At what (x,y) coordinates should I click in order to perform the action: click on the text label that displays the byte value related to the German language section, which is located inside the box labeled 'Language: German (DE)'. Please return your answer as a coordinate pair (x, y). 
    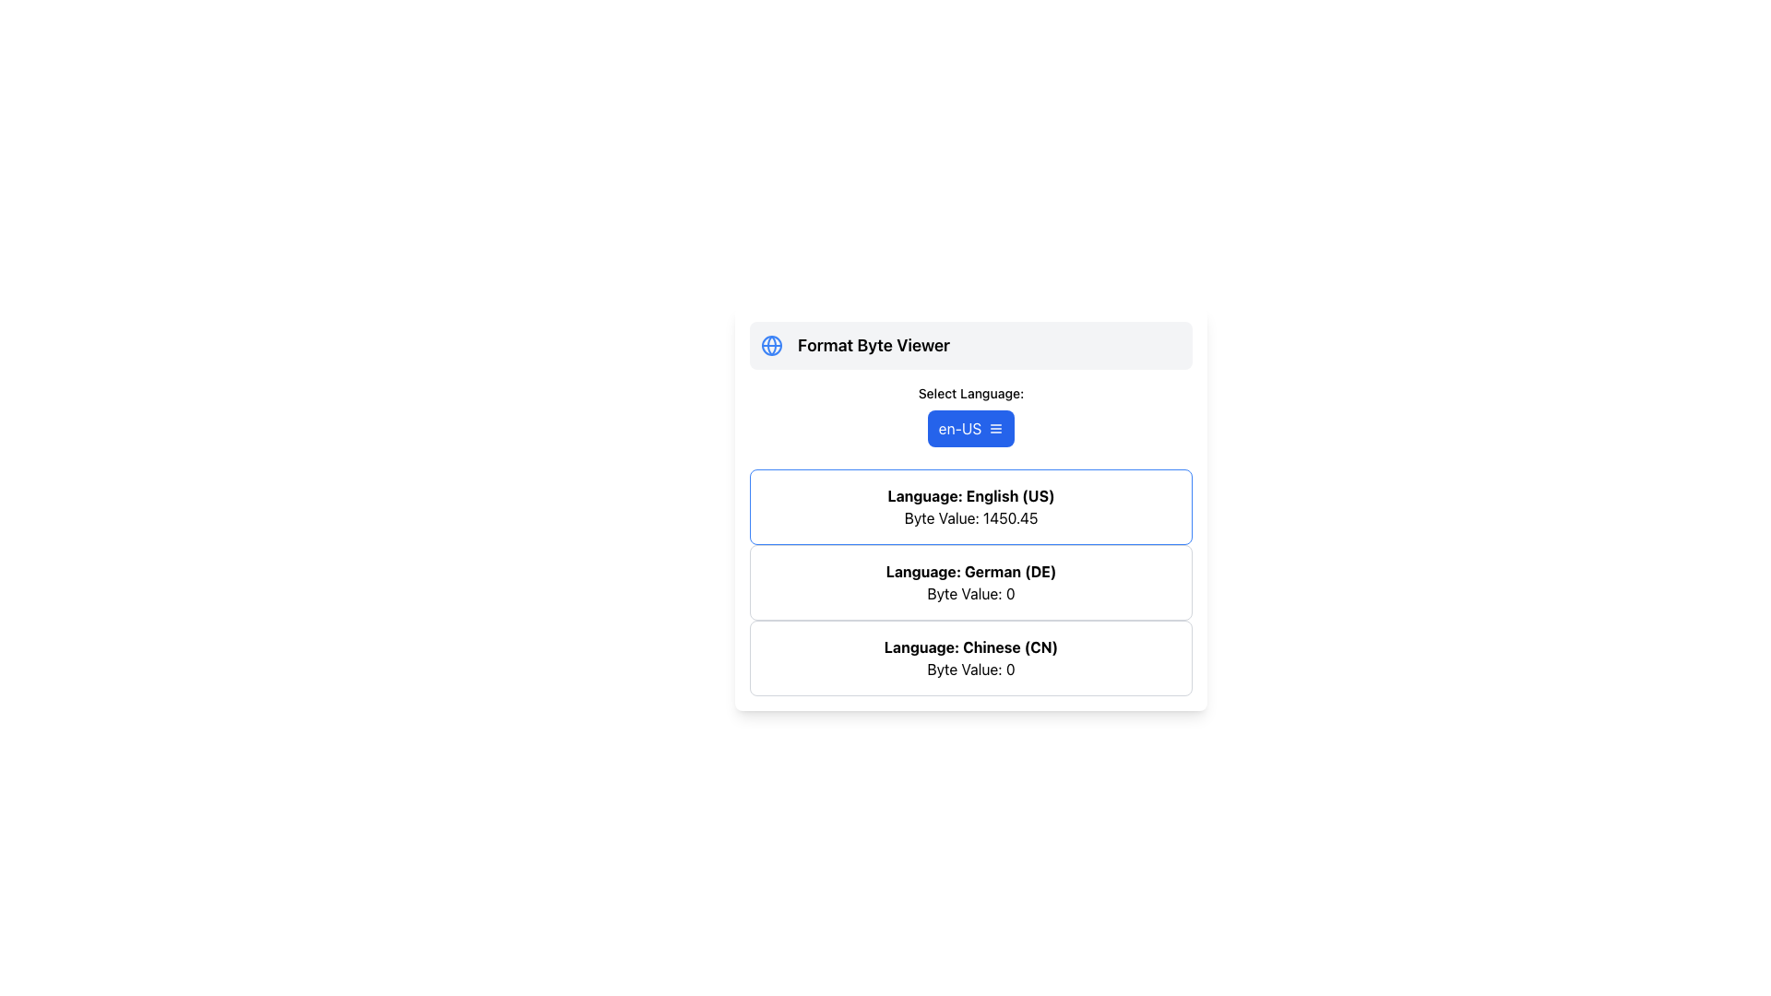
    Looking at the image, I should click on (969, 594).